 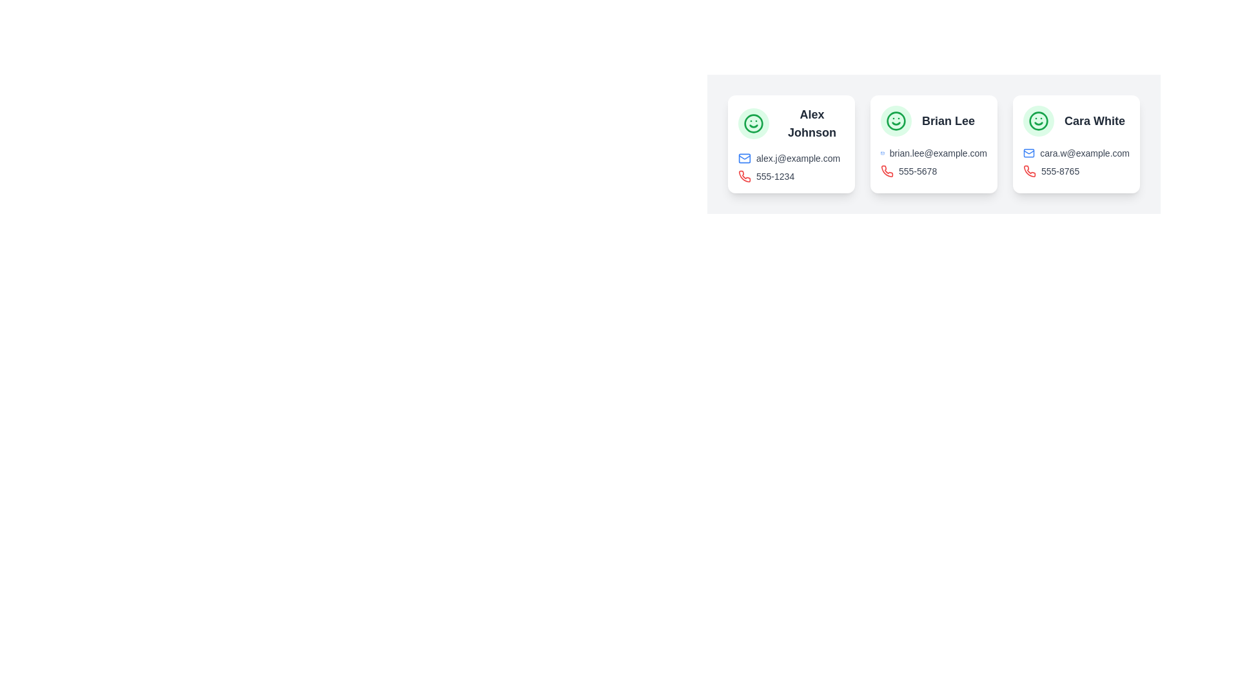 I want to click on the green smiley face icon in the top-left corner of the card for user 'Alex Johnson' to interact with it, so click(x=754, y=124).